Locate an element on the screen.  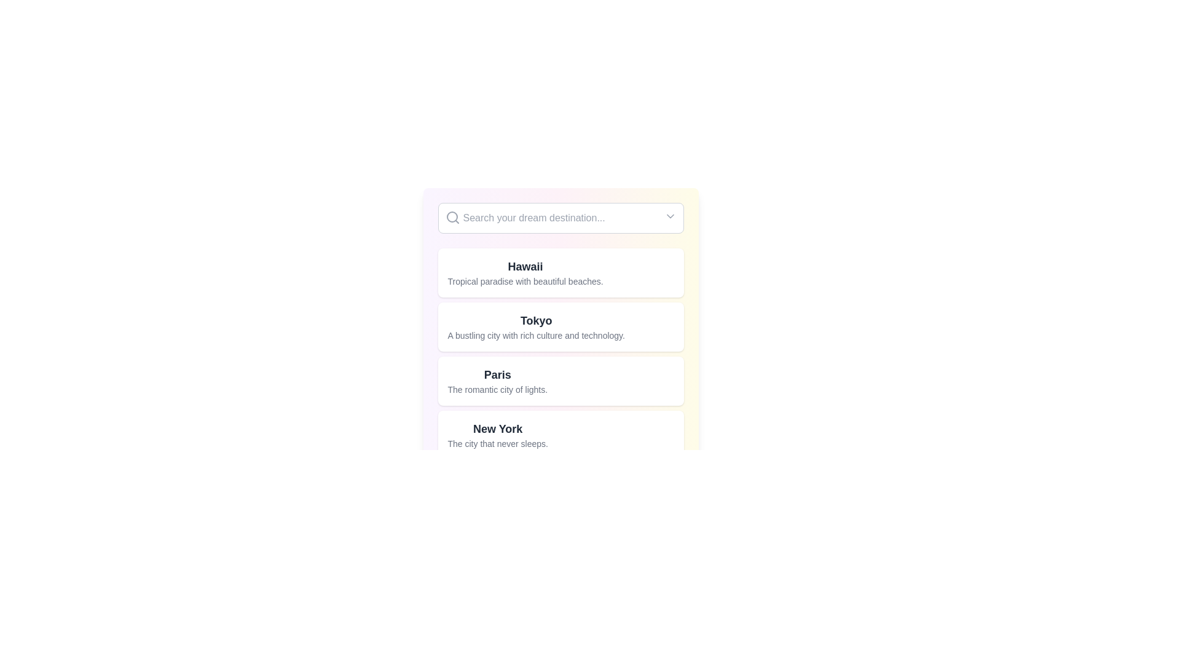
the search icon located at the left portion of the search bar to prompt a tooltip or highlight effect is located at coordinates (452, 217).